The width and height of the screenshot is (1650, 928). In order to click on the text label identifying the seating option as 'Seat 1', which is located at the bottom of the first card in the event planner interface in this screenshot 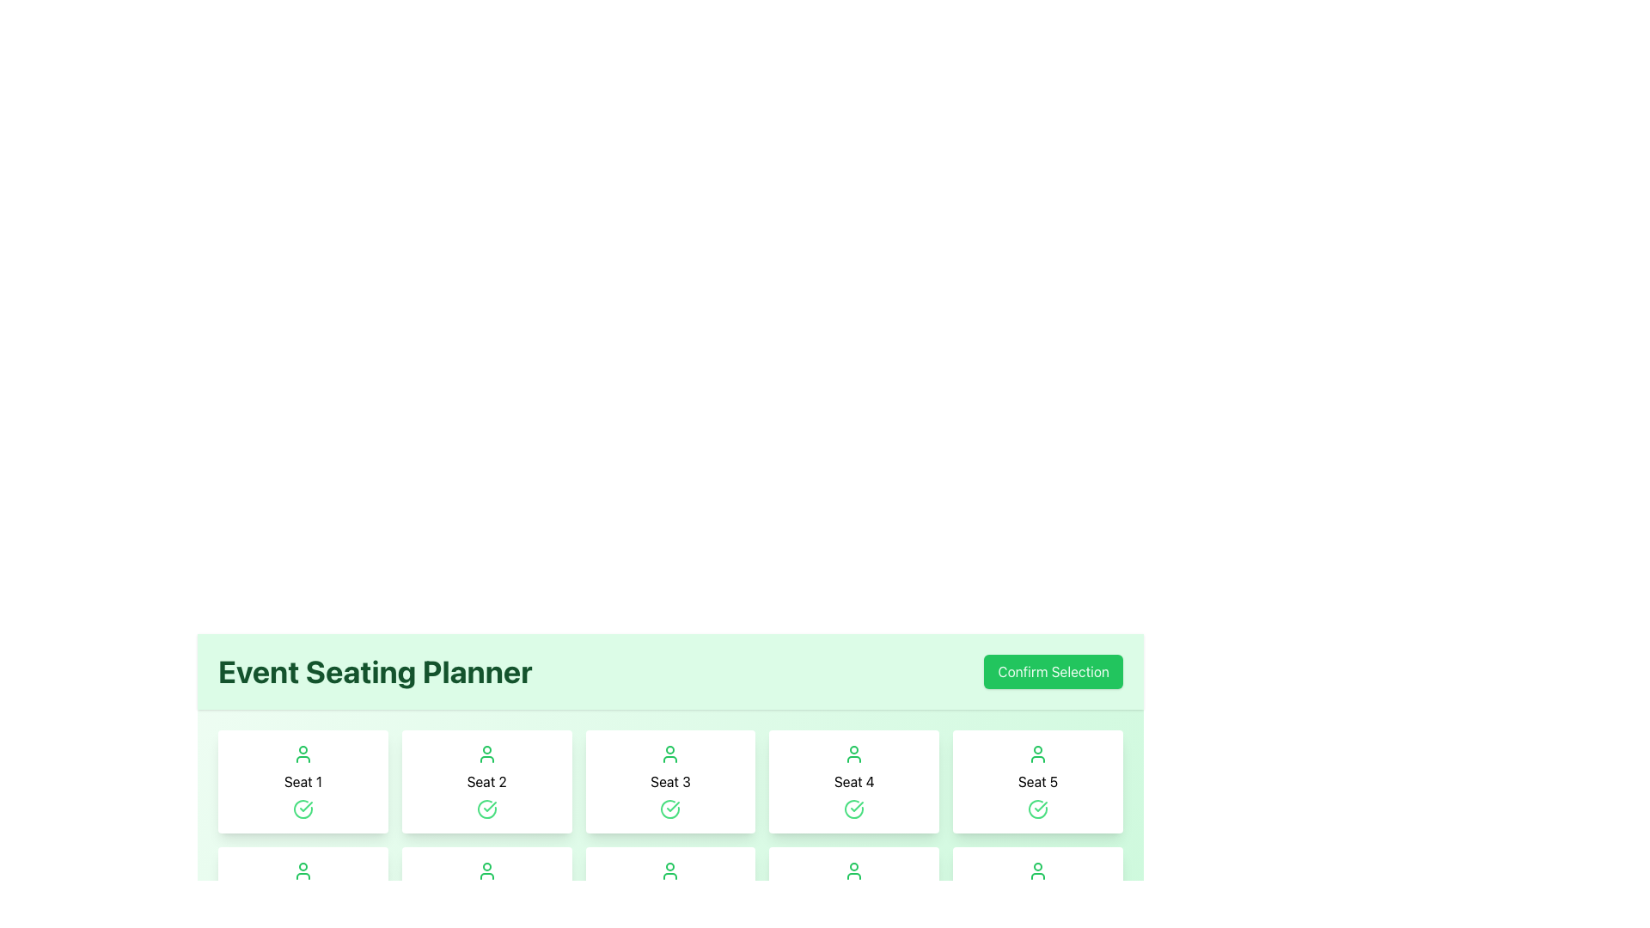, I will do `click(302, 782)`.